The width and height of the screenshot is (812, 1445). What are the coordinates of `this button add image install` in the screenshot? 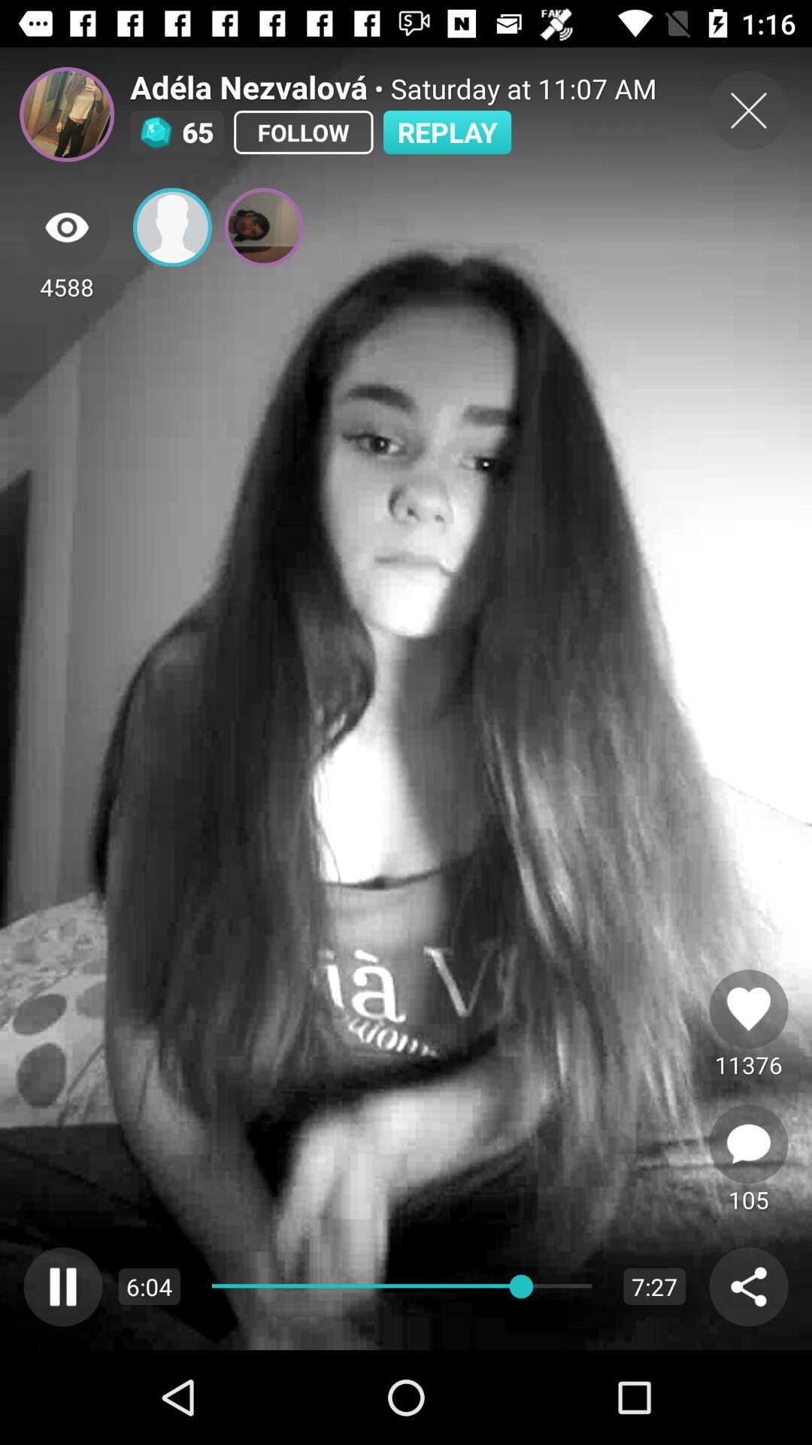 It's located at (171, 227).